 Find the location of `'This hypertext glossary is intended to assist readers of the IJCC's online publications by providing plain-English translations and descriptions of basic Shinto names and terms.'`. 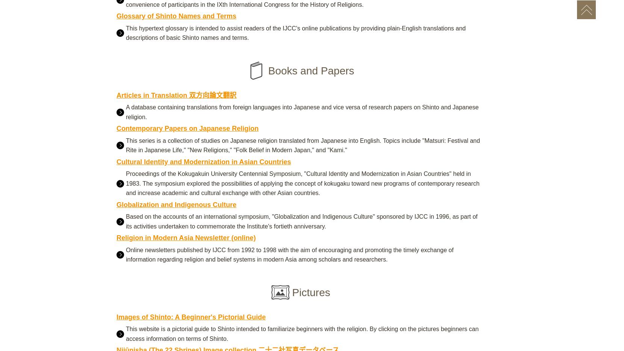

'This hypertext glossary is intended to assist readers of the IJCC's online publications by providing plain-English translations and descriptions of basic Shinto names and terms.' is located at coordinates (126, 33).